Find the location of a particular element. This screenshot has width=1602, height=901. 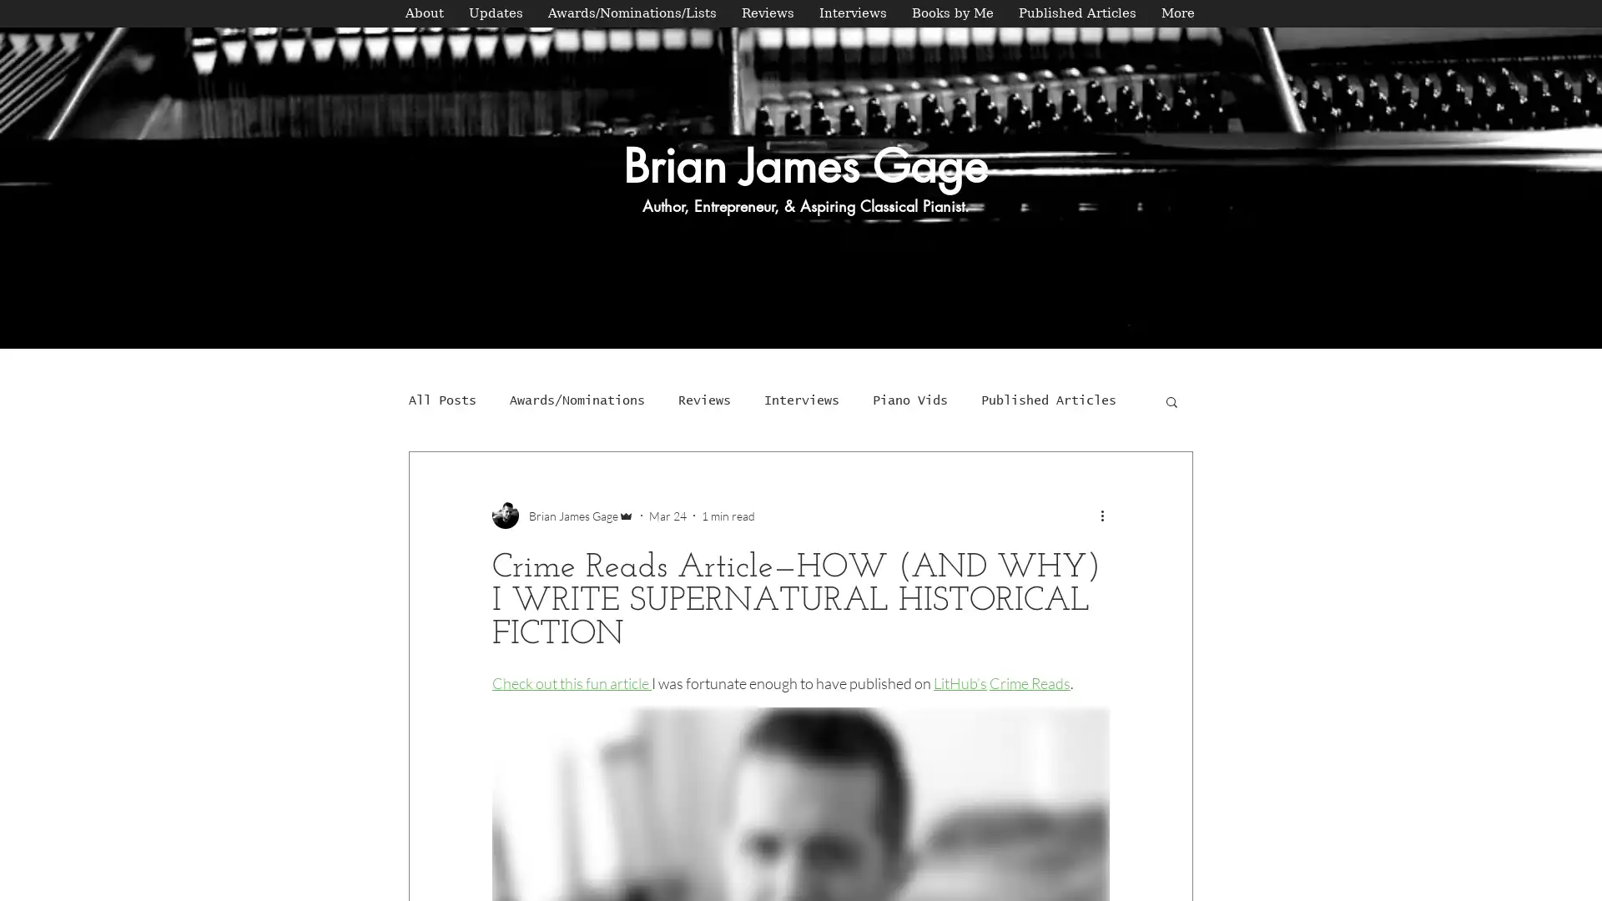

Piano Vids is located at coordinates (909, 401).